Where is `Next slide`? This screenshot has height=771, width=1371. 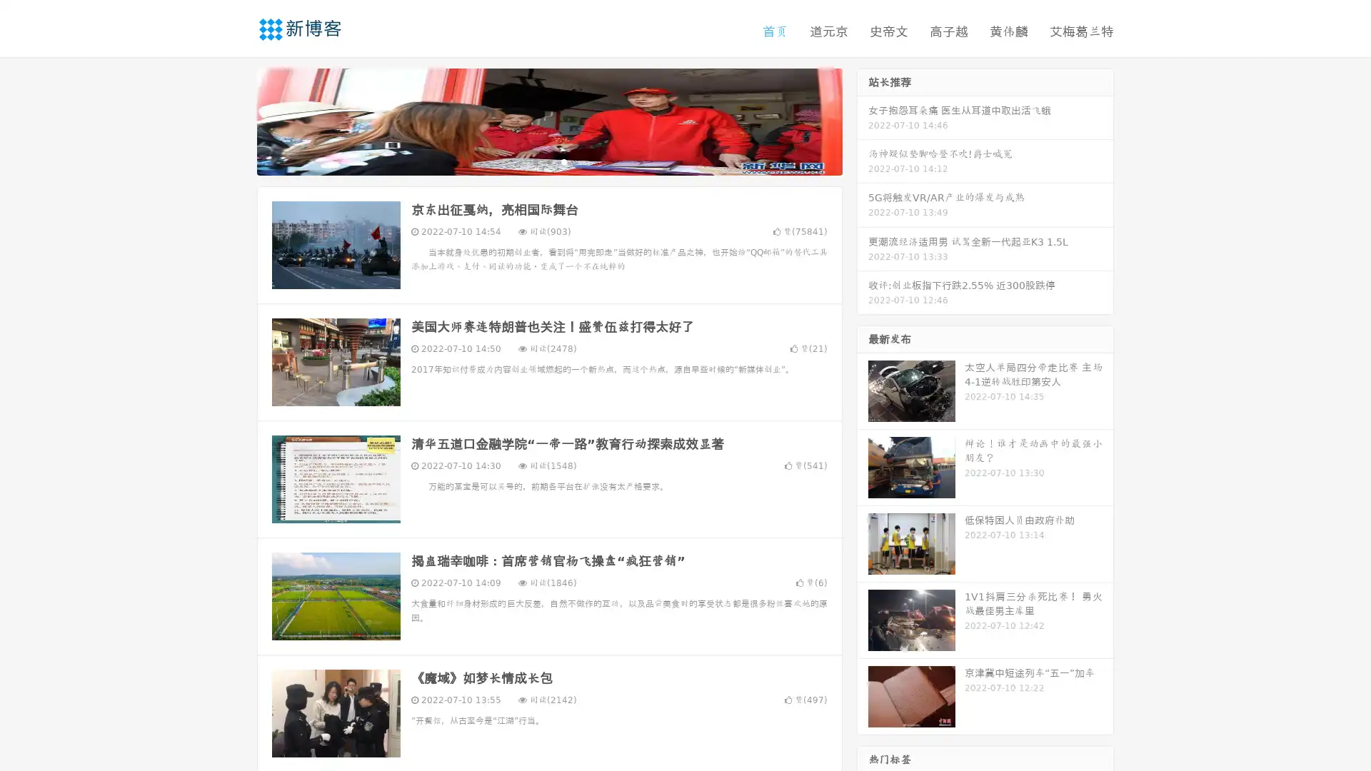 Next slide is located at coordinates (863, 120).